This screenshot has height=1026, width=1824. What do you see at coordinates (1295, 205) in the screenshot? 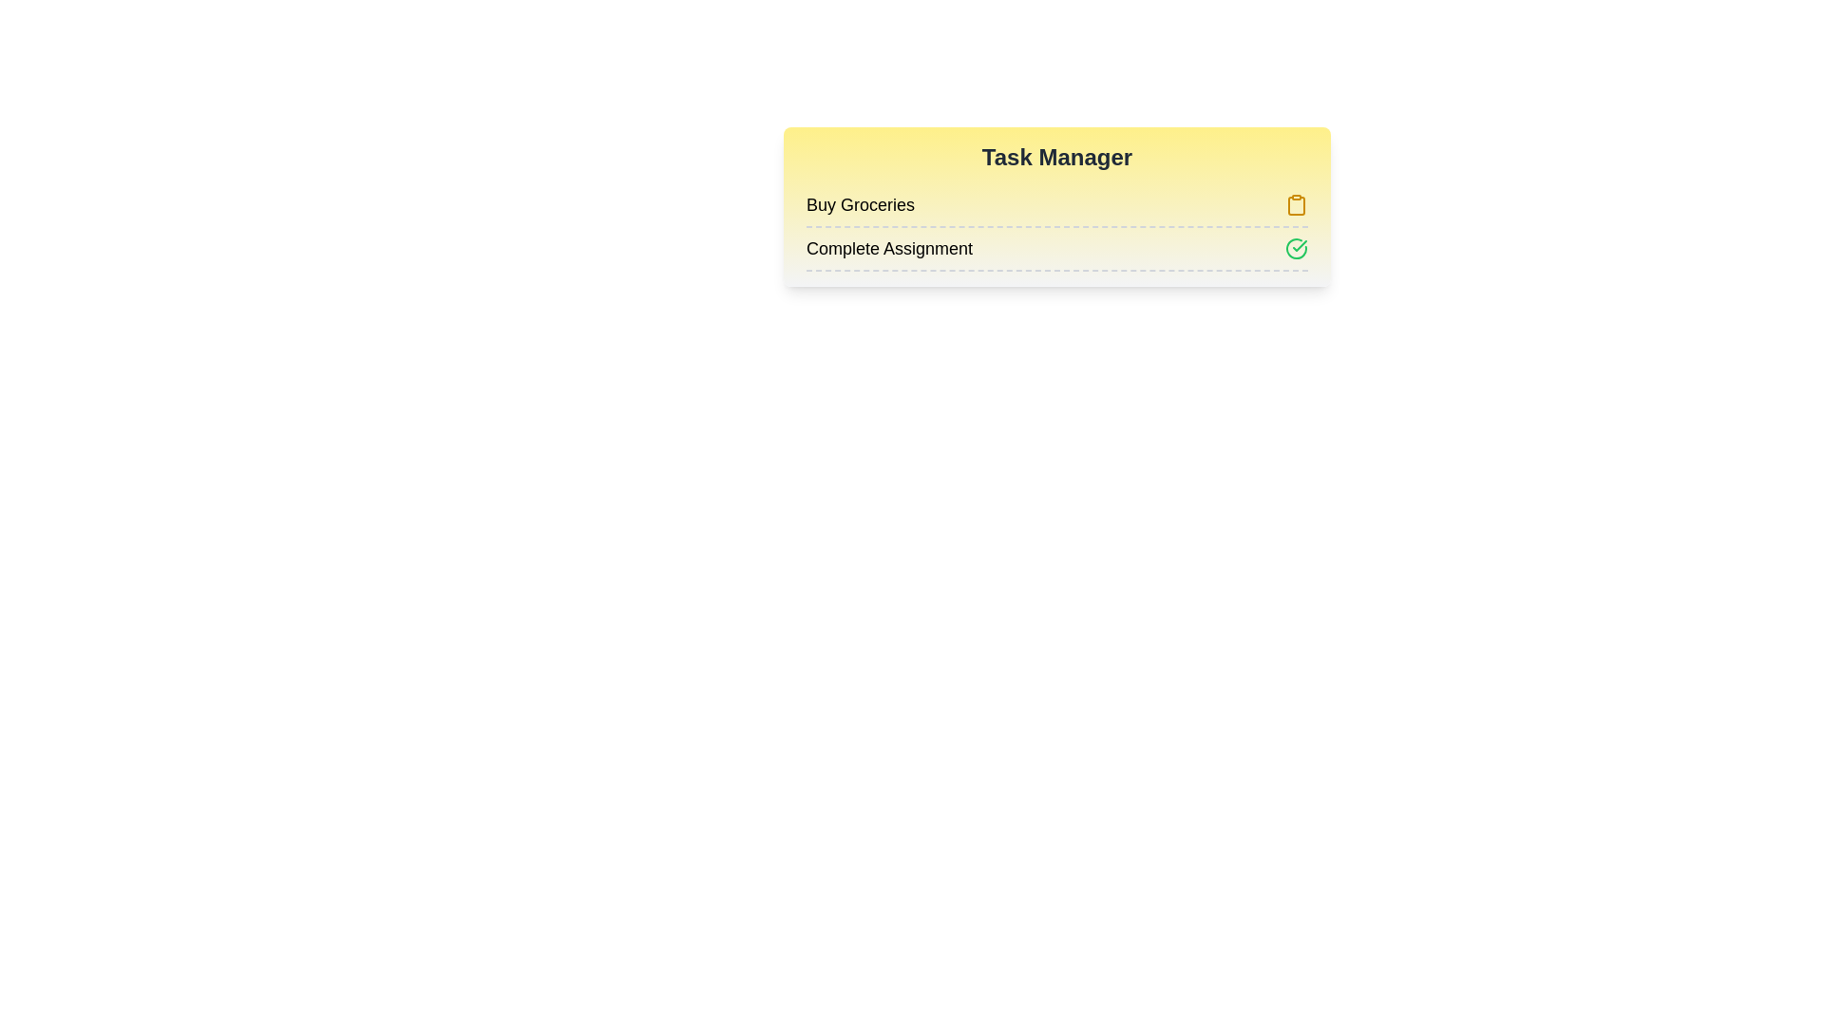
I see `the small yellow clipboard icon located to the right of the 'Buy Groceries' task description` at bounding box center [1295, 205].